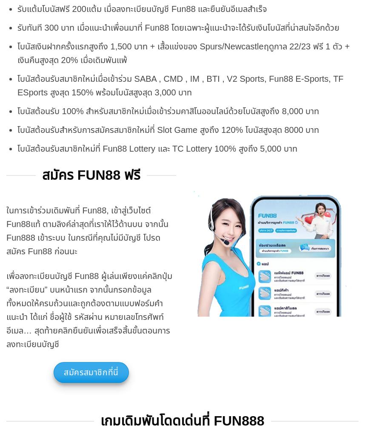 Image resolution: width=365 pixels, height=440 pixels. I want to click on 'เพื่อลงทะเบียนบัญชี Fun88 ผู้เล่นเพียงแค่คลิกปุ่ม “ลงทะเบียน” บนหน้าแรก จากนั้นกรอกข้อมูลทั้งหมดให้ครบถ้วนและถูกต้องตามแบบฟอร์มคำแนะนำ ได้แก่ ชื่อผู้ใช้ รหัสผ่าน หมายเลขโทรศัพท์ อีเมล… สุดท้ายคลิกยืนยันเพื่อเสร็จสิ้นขั้นตอนการลงทะเบียนบัญชี', so click(89, 310).